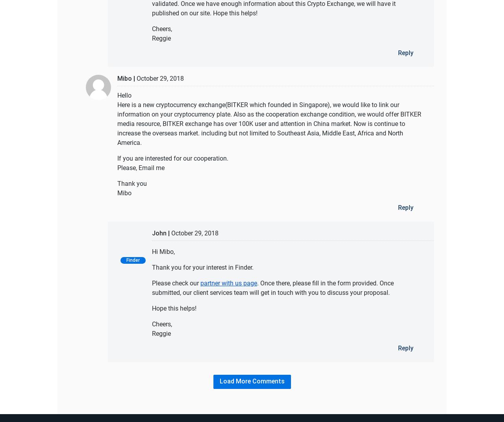 This screenshot has height=422, width=504. Describe the element at coordinates (132, 183) in the screenshot. I see `'Thank you'` at that location.